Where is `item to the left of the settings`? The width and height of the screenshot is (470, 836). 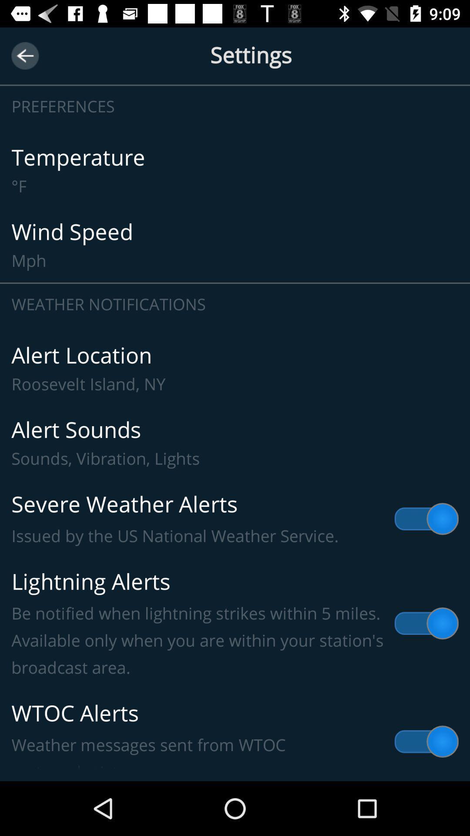 item to the left of the settings is located at coordinates (24, 55).